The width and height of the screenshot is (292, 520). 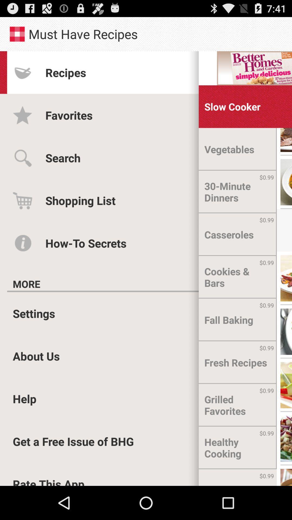 What do you see at coordinates (232, 106) in the screenshot?
I see `app next to favorites app` at bounding box center [232, 106].